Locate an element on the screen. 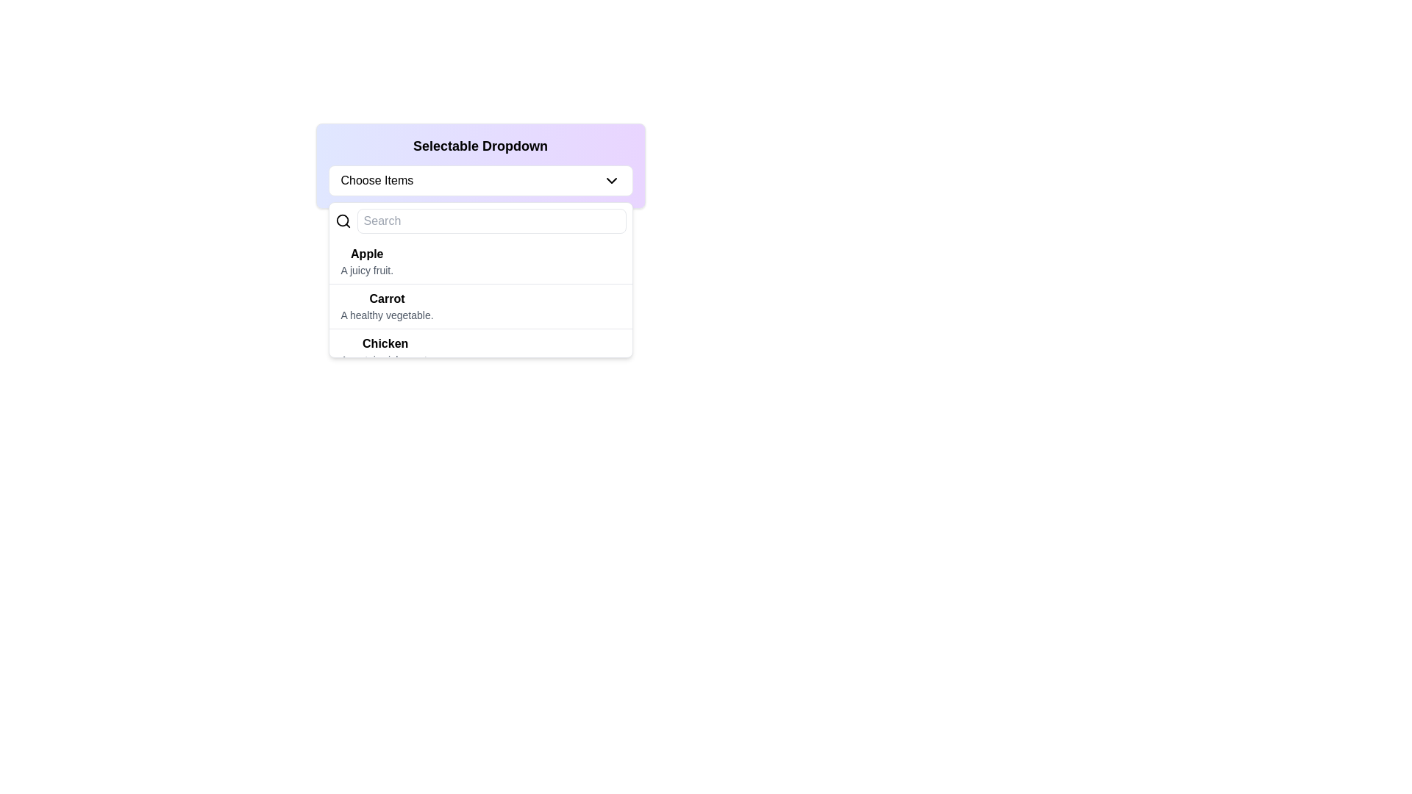  the circular part of the magnifying glass icon, which serves as a visual indicator for the search functionality is located at coordinates (341, 221).